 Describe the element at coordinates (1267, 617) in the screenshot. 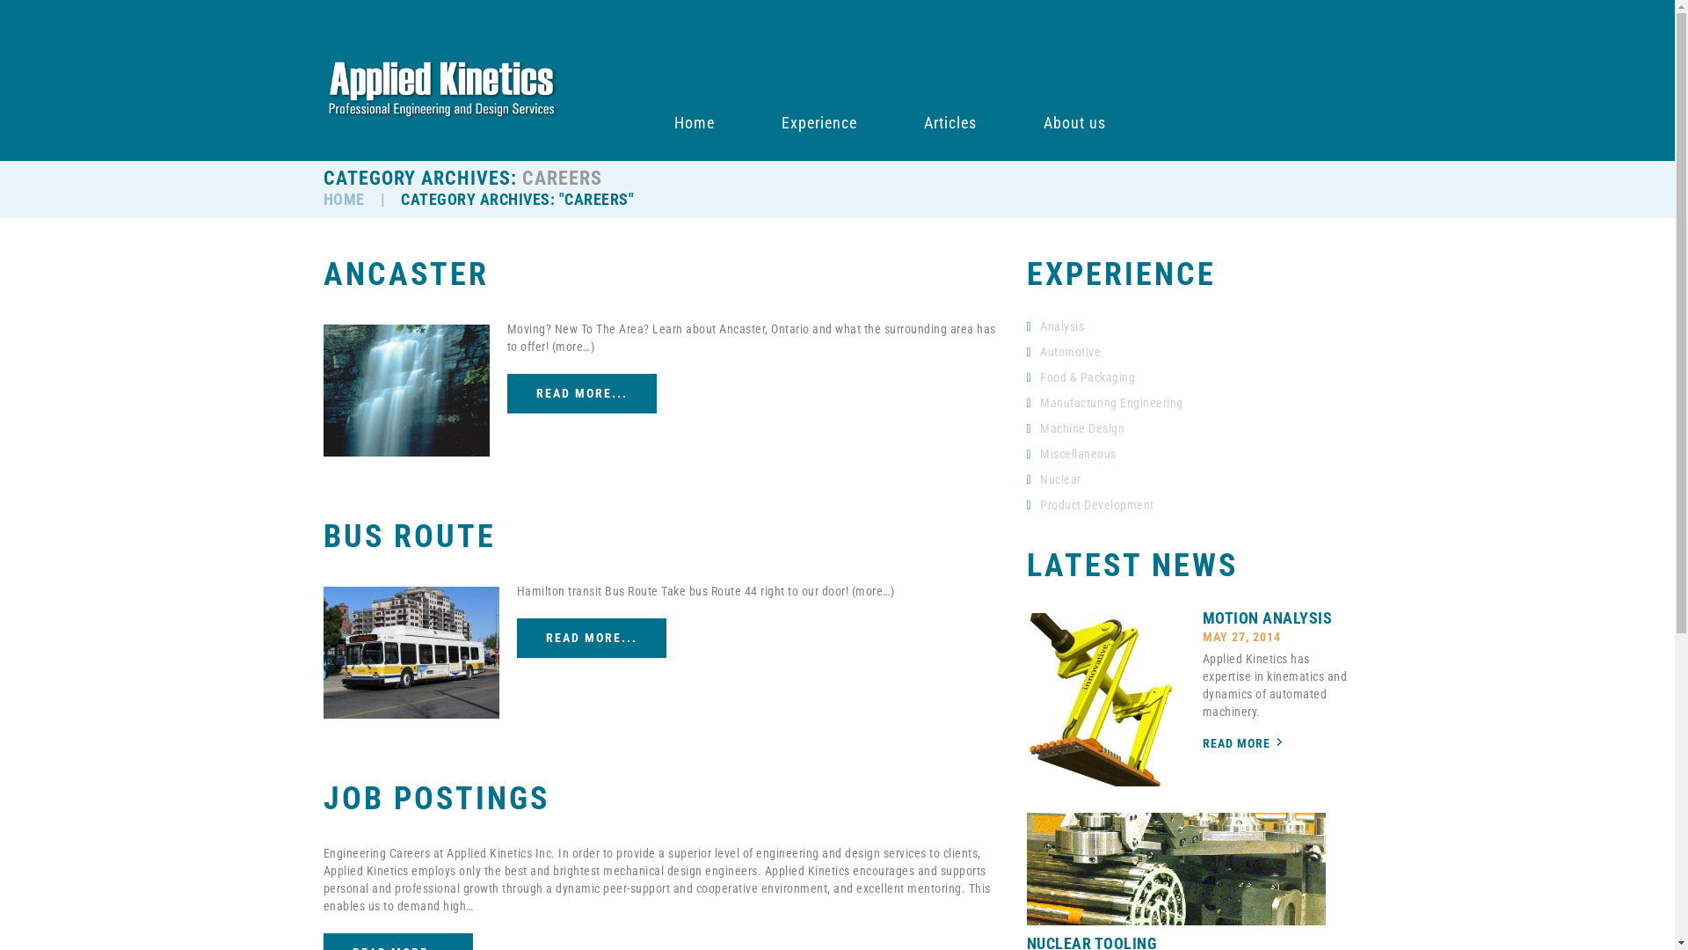

I see `'MOTION ANALYSIS'` at that location.